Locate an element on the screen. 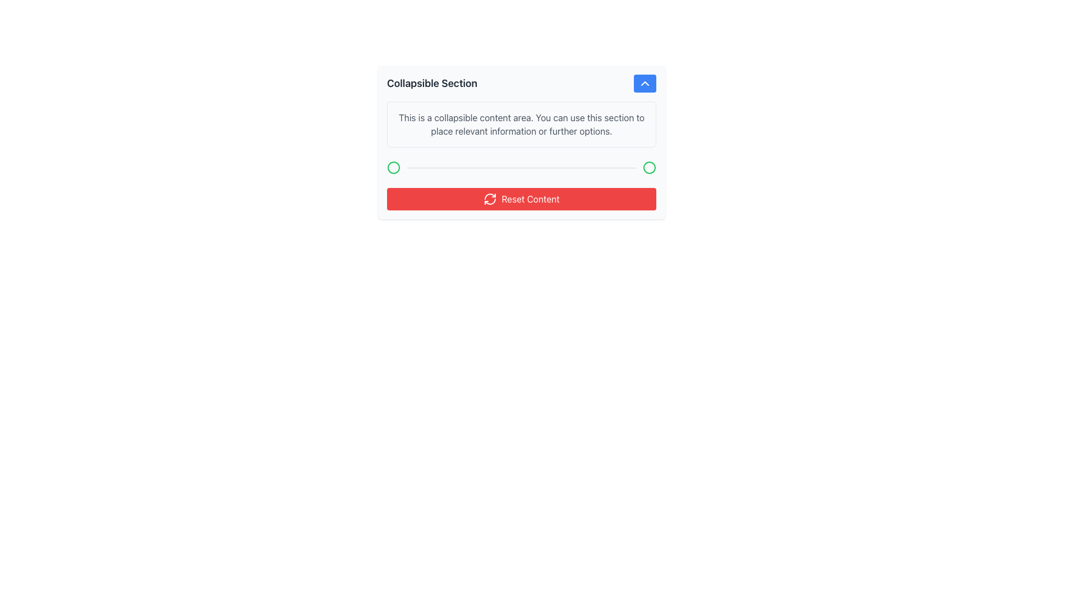 The image size is (1077, 606). the 'Reset Content' button with a rich red background and white text is located at coordinates (521, 198).